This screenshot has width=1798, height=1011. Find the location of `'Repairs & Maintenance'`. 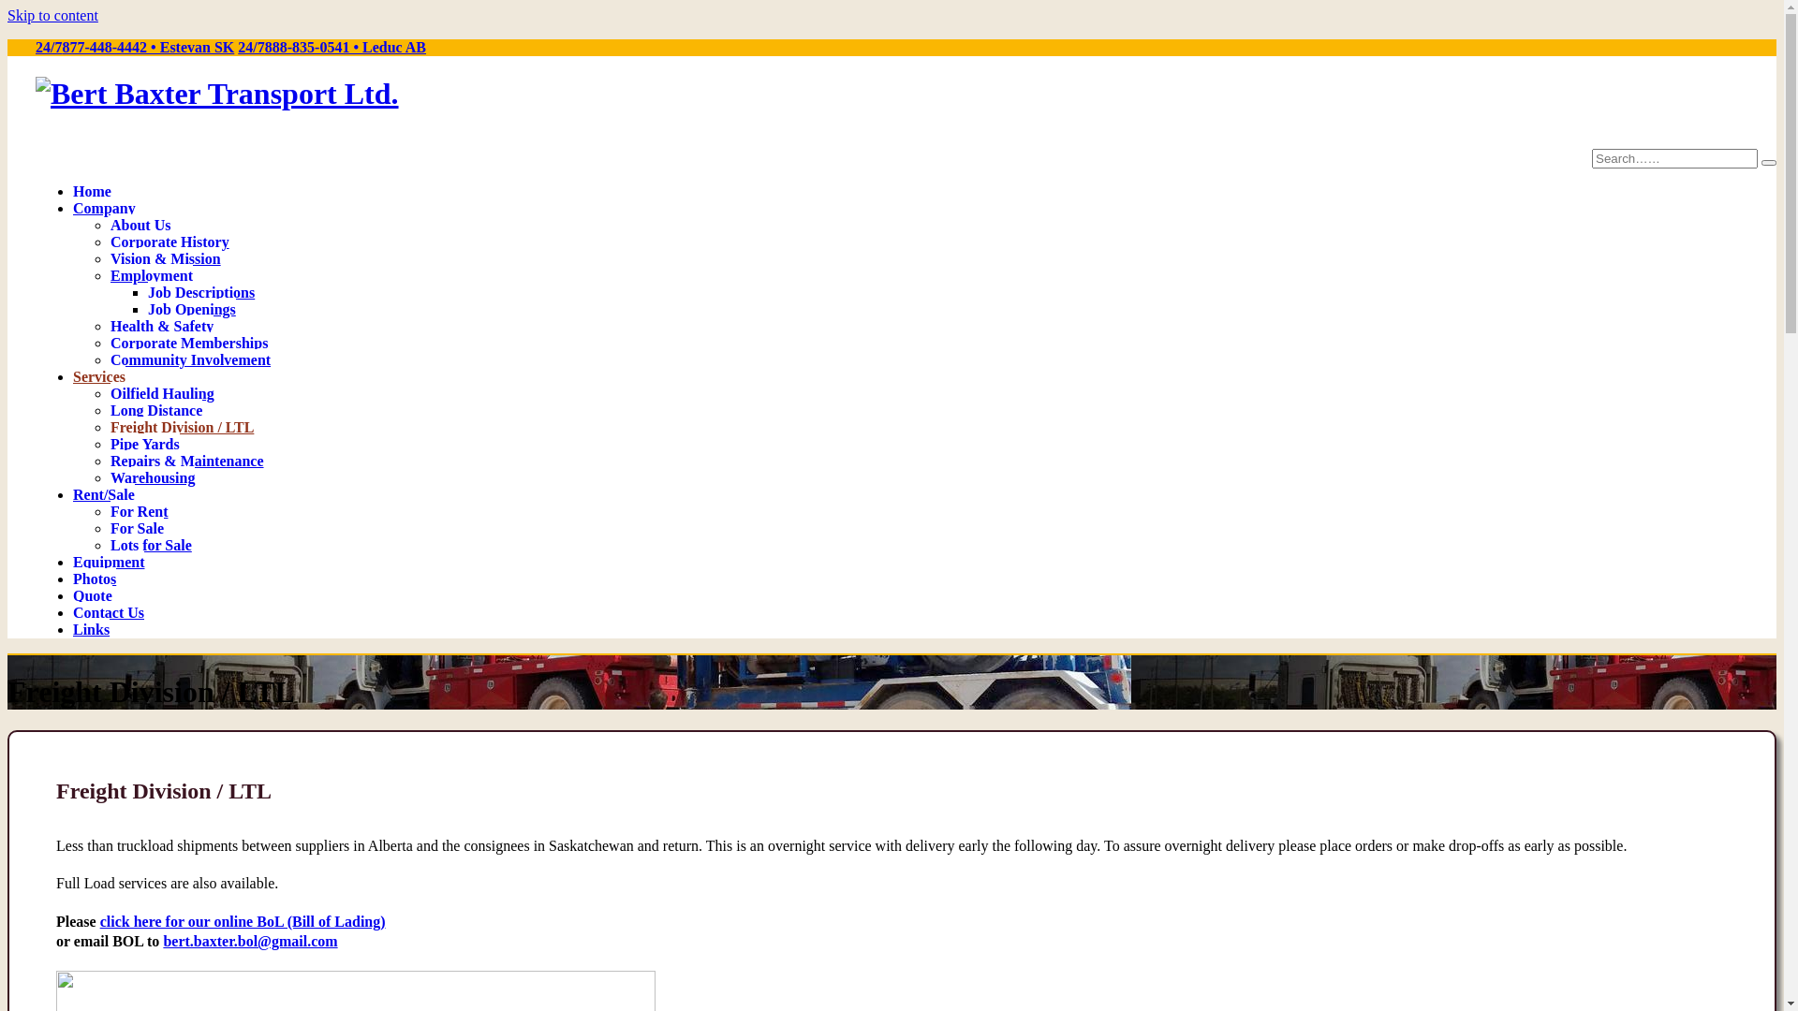

'Repairs & Maintenance' is located at coordinates (187, 459).